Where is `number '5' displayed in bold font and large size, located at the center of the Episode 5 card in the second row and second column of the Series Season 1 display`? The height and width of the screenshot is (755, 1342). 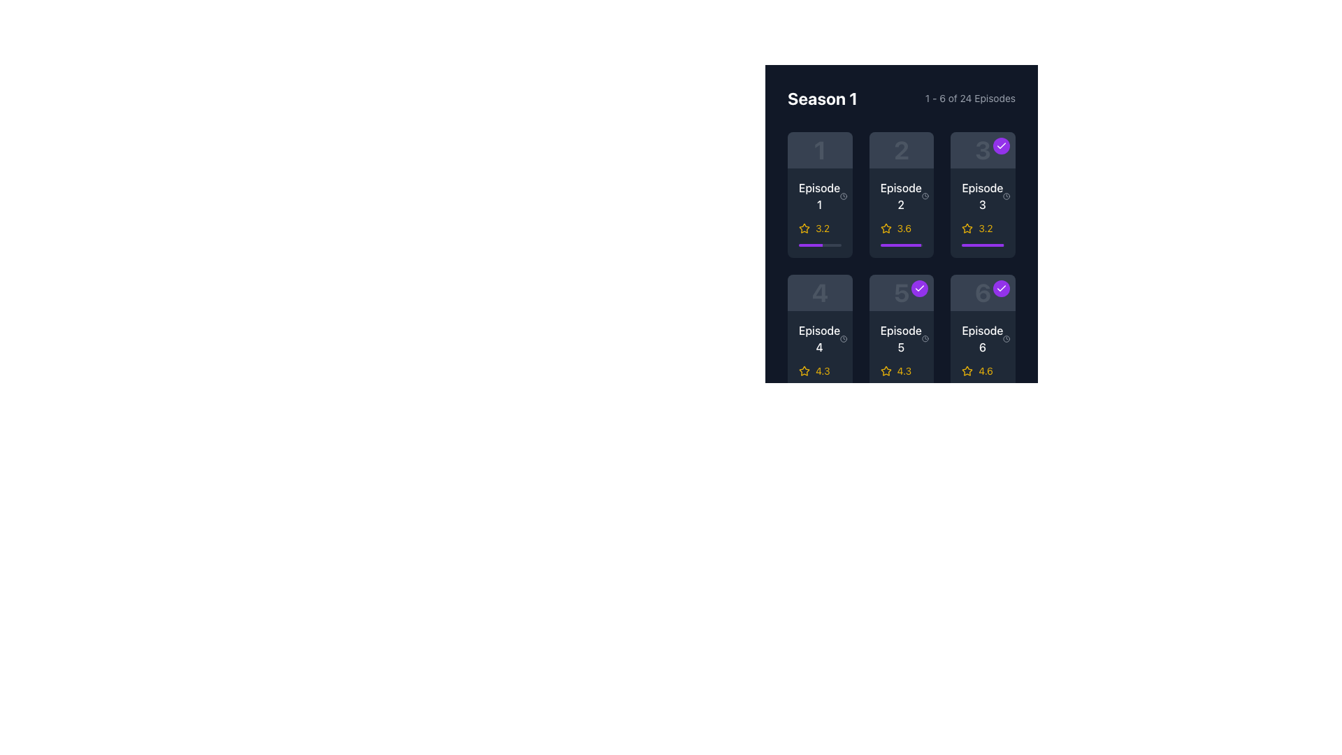 number '5' displayed in bold font and large size, located at the center of the Episode 5 card in the second row and second column of the Series Season 1 display is located at coordinates (902, 292).